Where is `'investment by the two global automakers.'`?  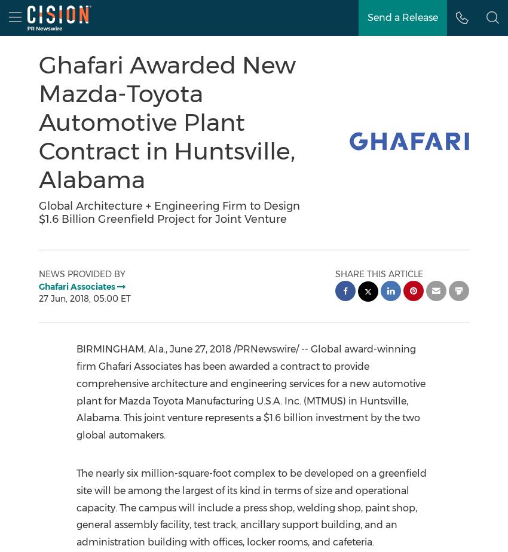
'investment by the two global automakers.' is located at coordinates (247, 426).